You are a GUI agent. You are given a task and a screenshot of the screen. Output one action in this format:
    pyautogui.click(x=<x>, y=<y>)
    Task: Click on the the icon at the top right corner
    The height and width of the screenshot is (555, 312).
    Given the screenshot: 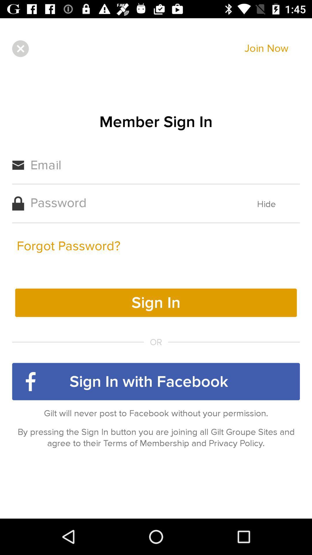 What is the action you would take?
    pyautogui.click(x=266, y=49)
    